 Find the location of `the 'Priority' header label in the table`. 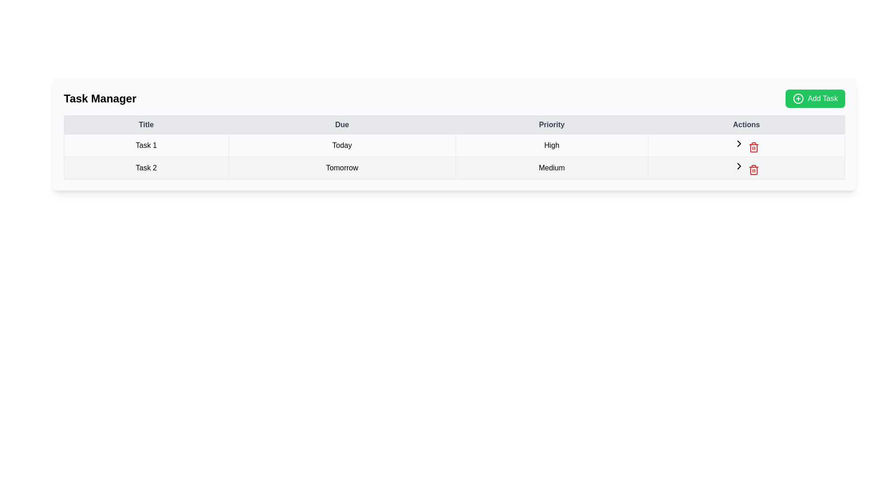

the 'Priority' header label in the table is located at coordinates (551, 125).